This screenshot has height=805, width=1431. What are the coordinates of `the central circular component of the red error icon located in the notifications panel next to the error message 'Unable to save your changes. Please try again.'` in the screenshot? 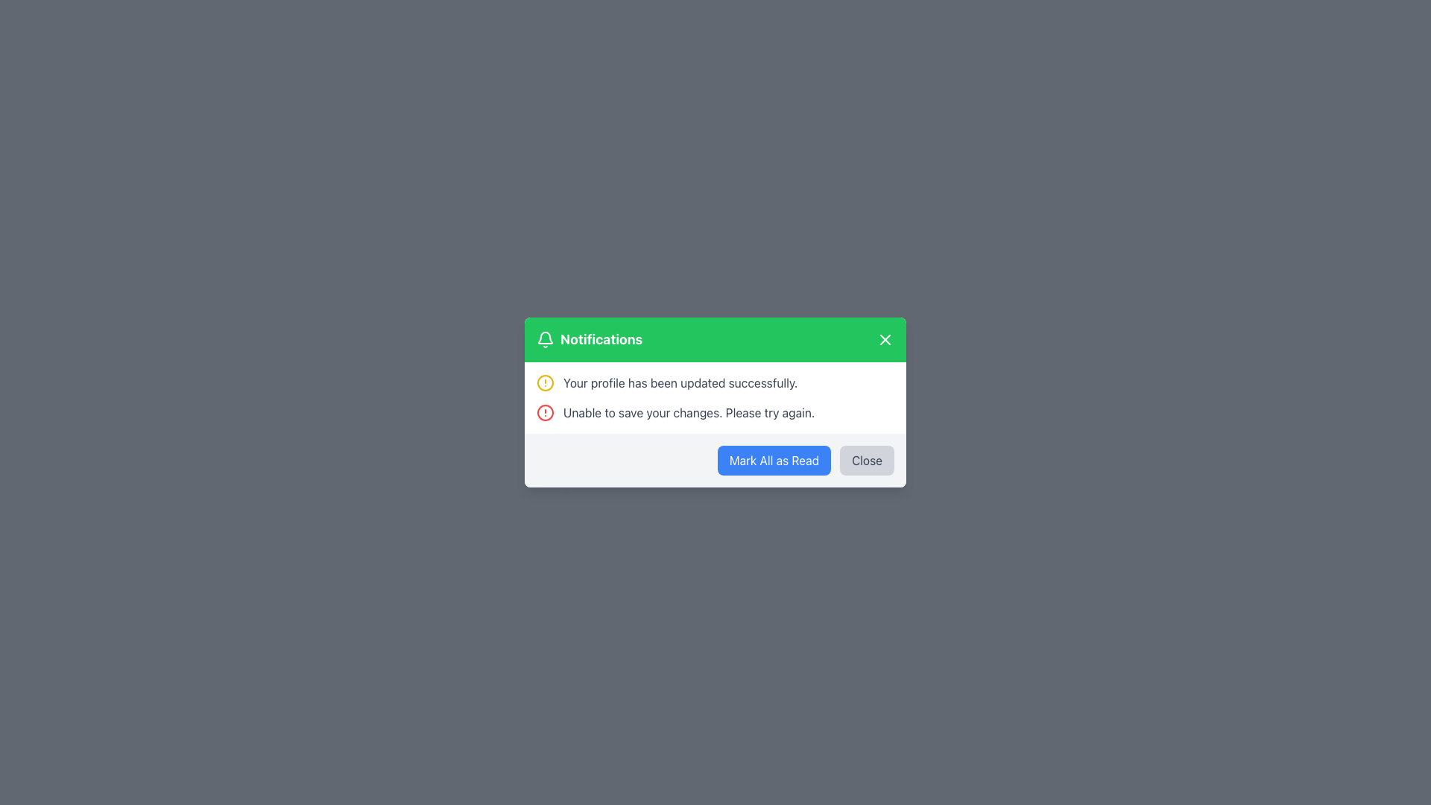 It's located at (544, 413).